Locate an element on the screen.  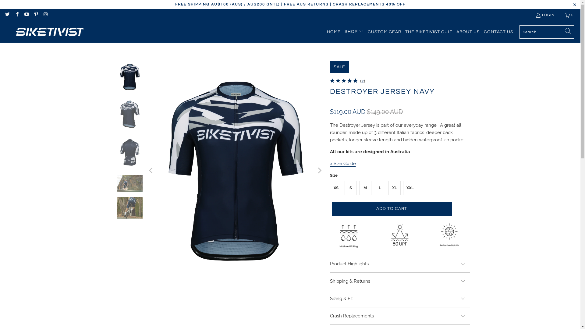
'CUSTOM GEAR' is located at coordinates (384, 32).